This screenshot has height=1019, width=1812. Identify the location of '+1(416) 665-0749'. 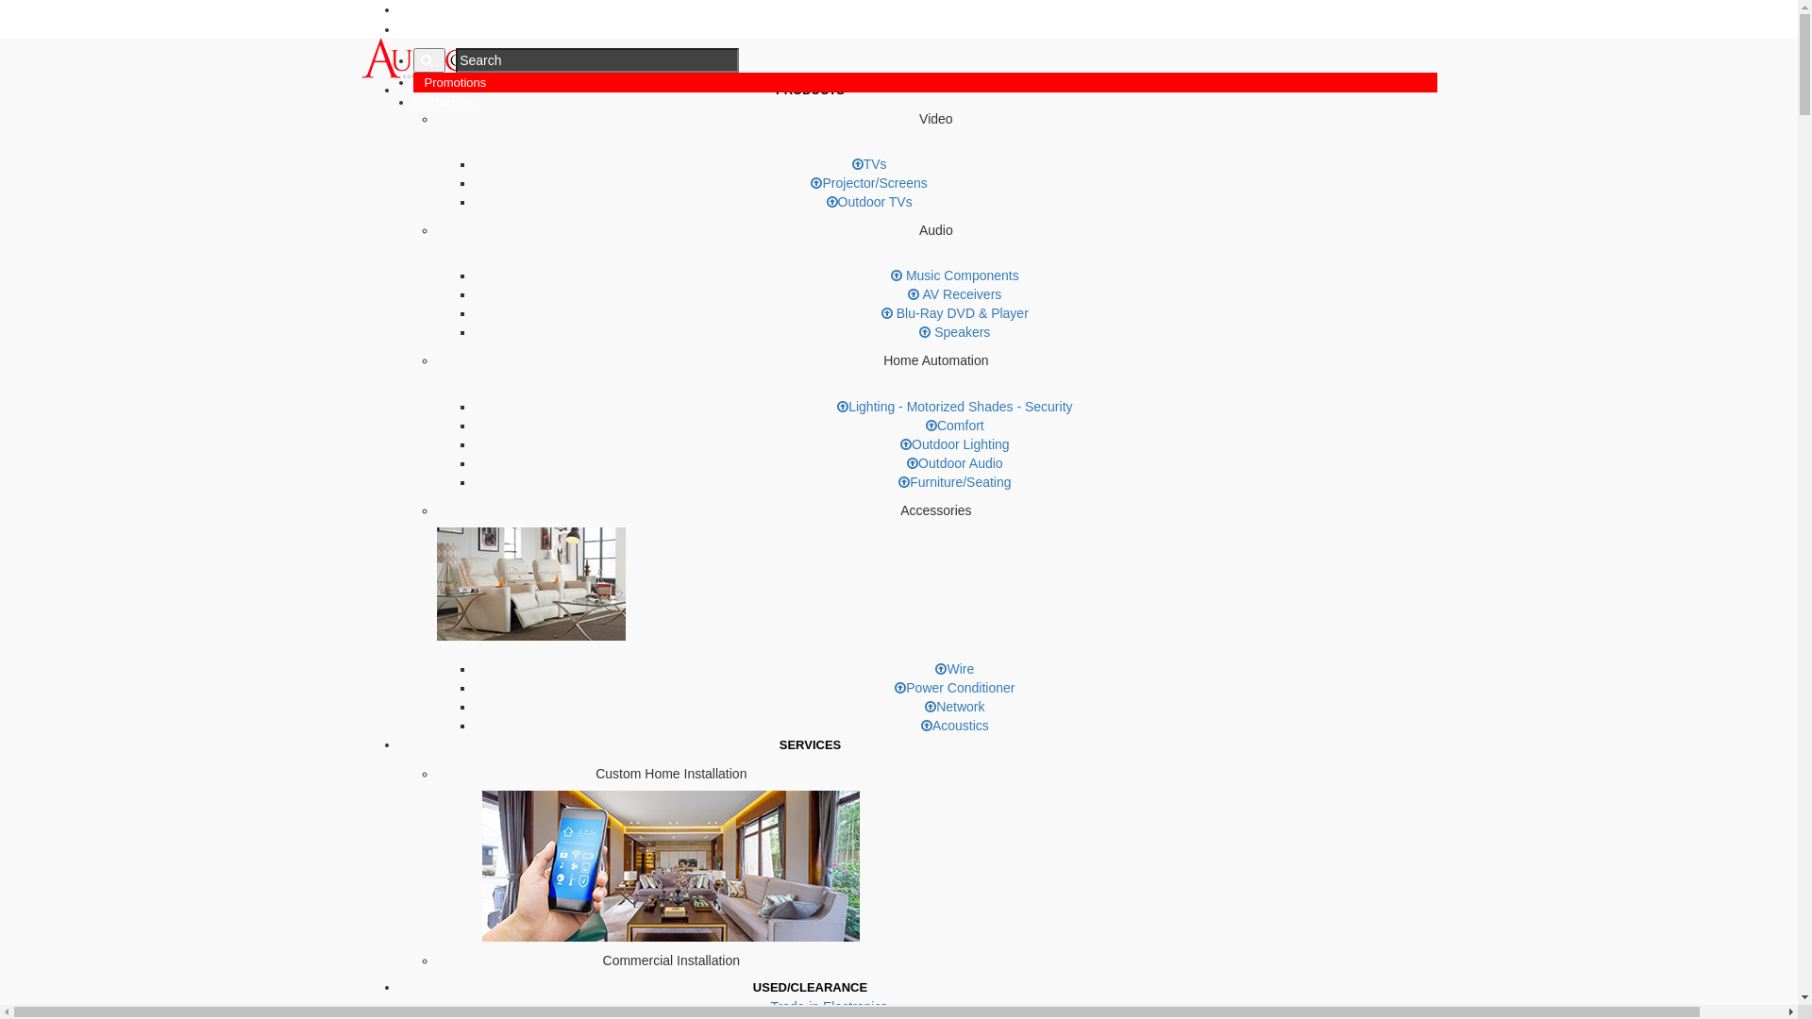
(456, 9).